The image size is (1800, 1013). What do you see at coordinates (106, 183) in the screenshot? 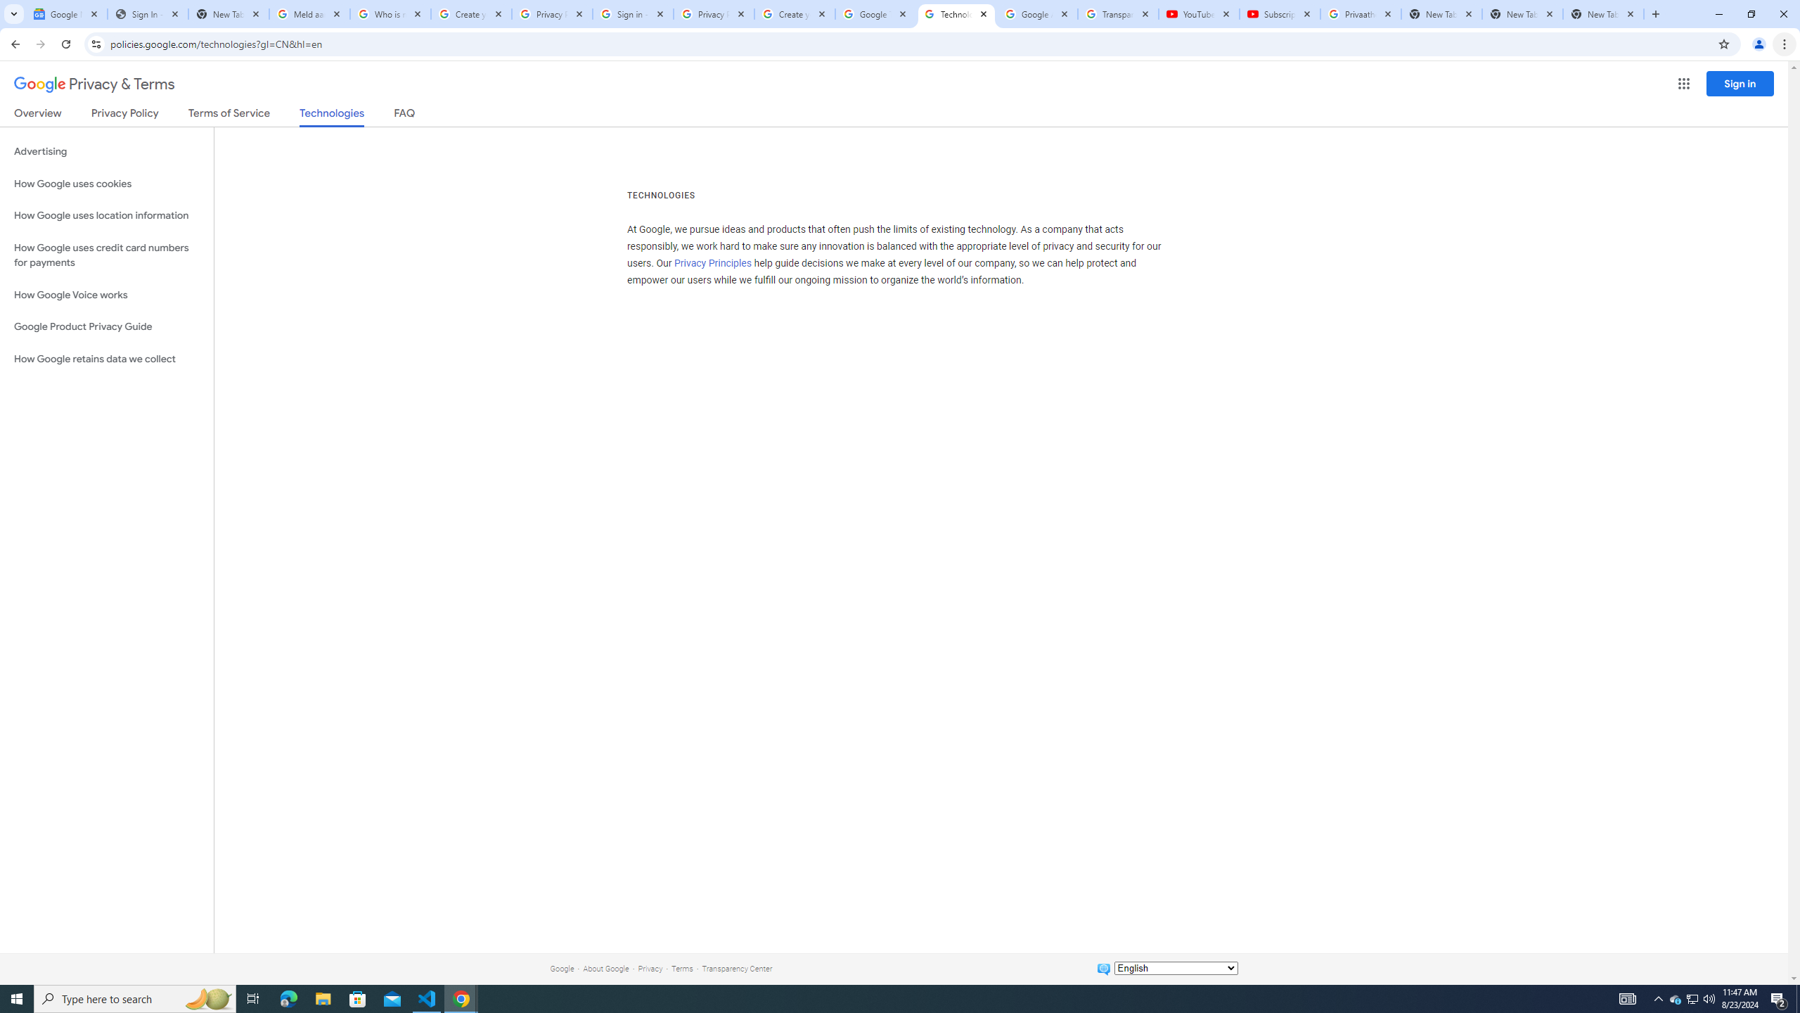
I see `'How Google uses cookies'` at bounding box center [106, 183].